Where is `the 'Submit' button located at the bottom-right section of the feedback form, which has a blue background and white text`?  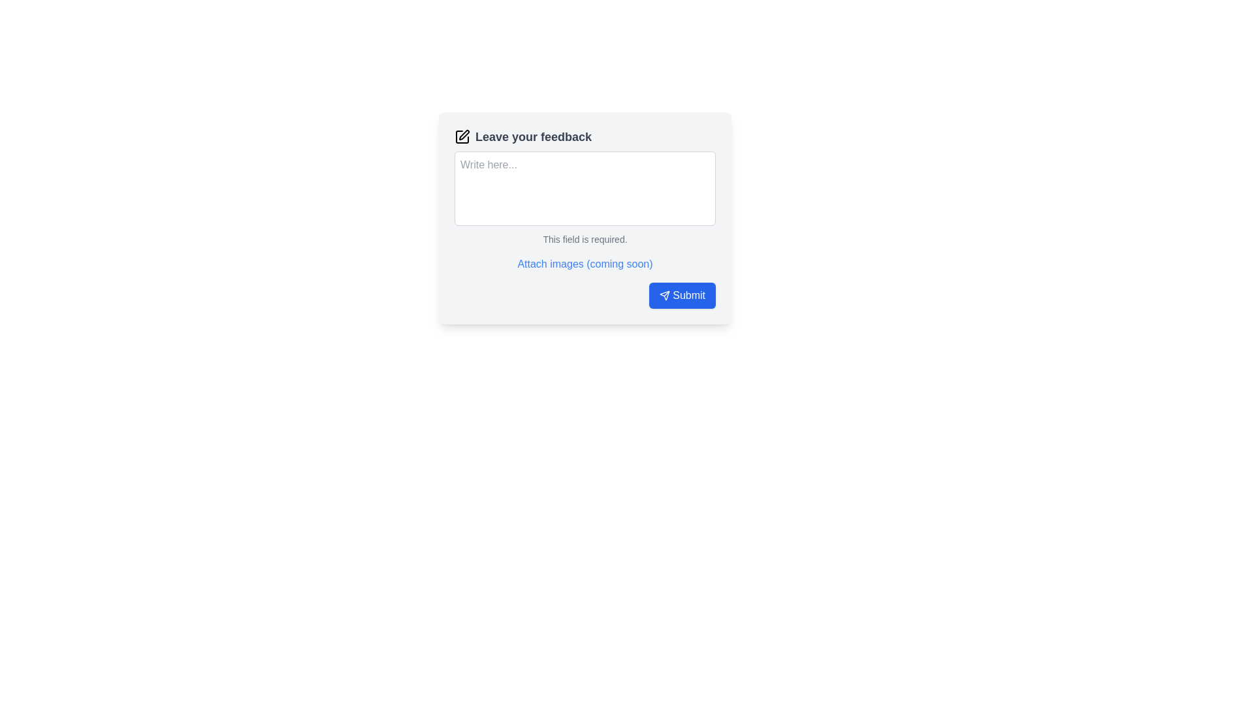 the 'Submit' button located at the bottom-right section of the feedback form, which has a blue background and white text is located at coordinates (688, 295).